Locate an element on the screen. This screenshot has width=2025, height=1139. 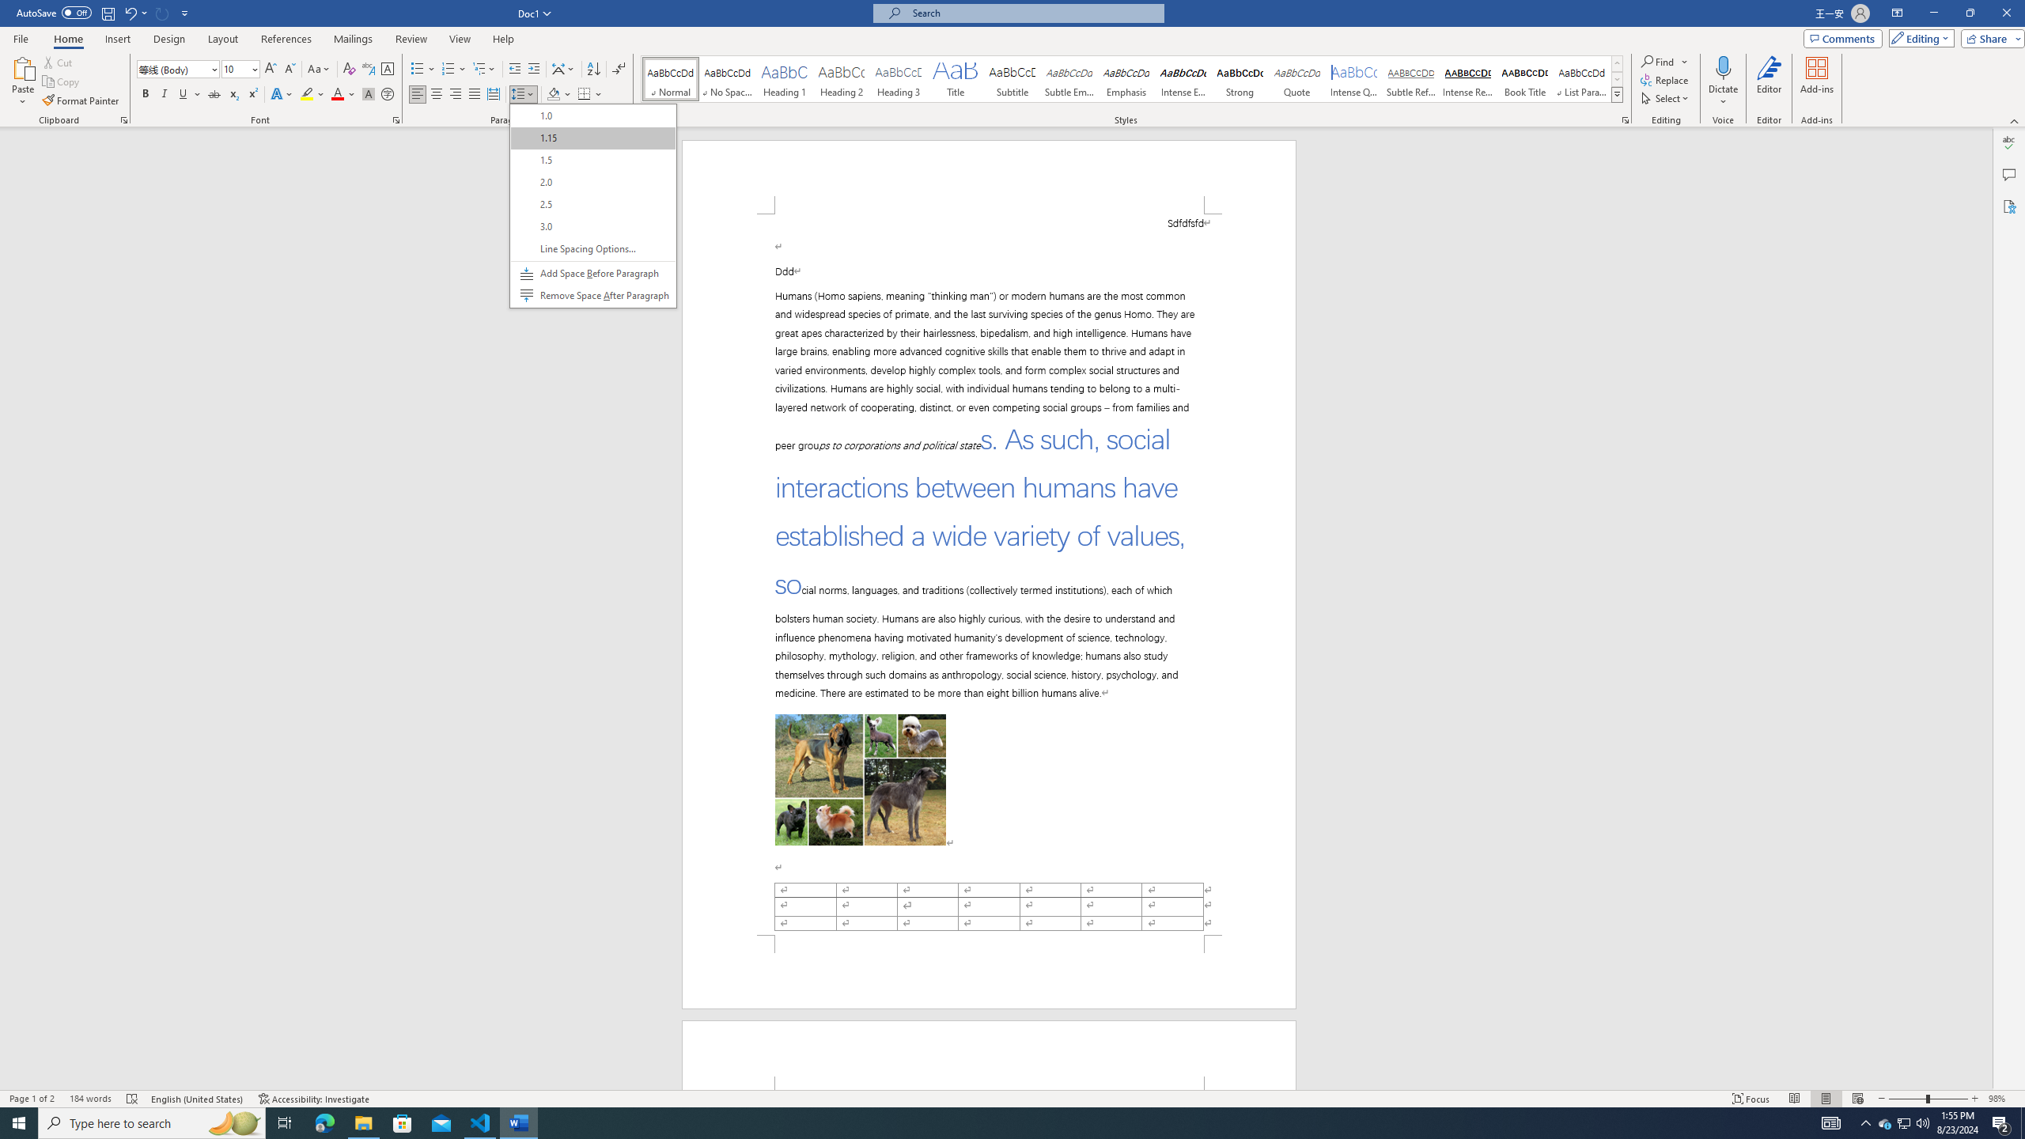
'Heading 1' is located at coordinates (784, 78).